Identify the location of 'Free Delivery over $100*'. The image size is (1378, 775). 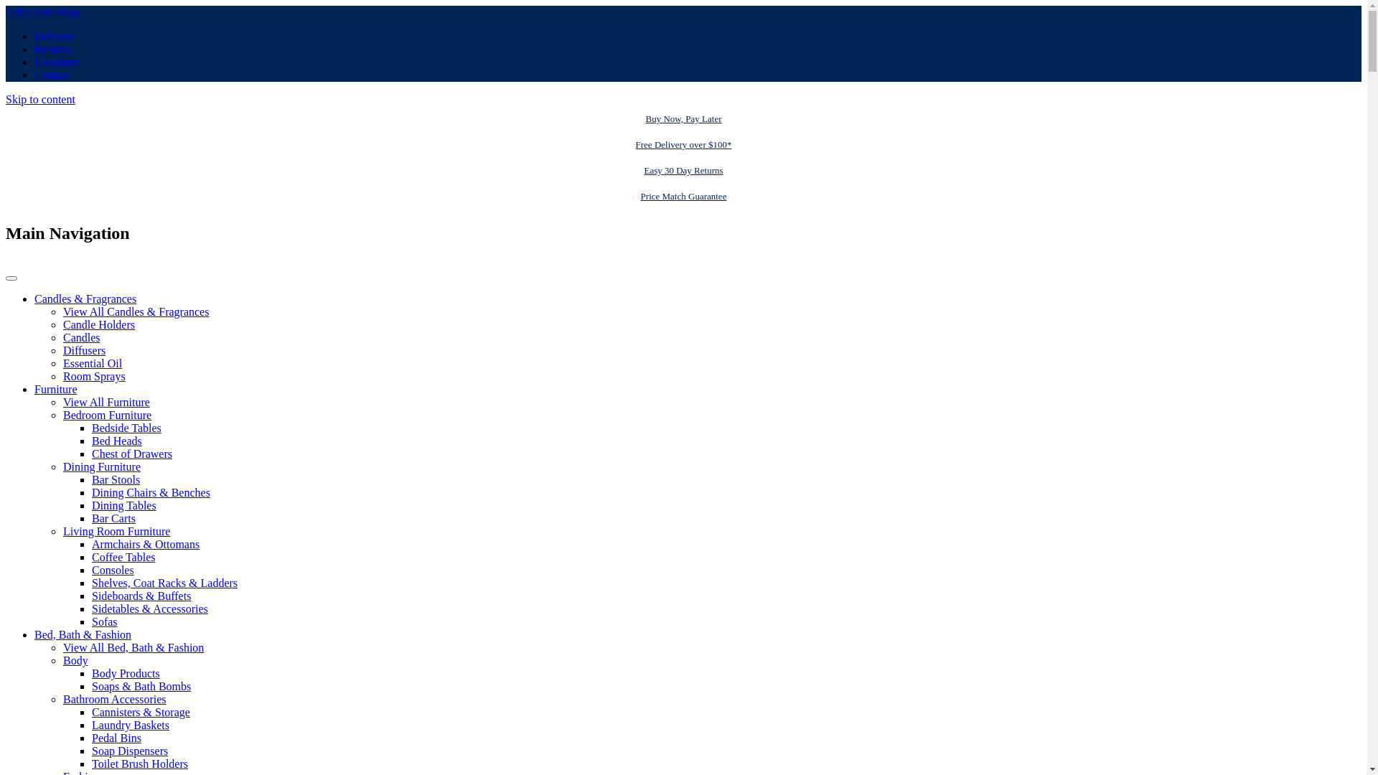
(683, 144).